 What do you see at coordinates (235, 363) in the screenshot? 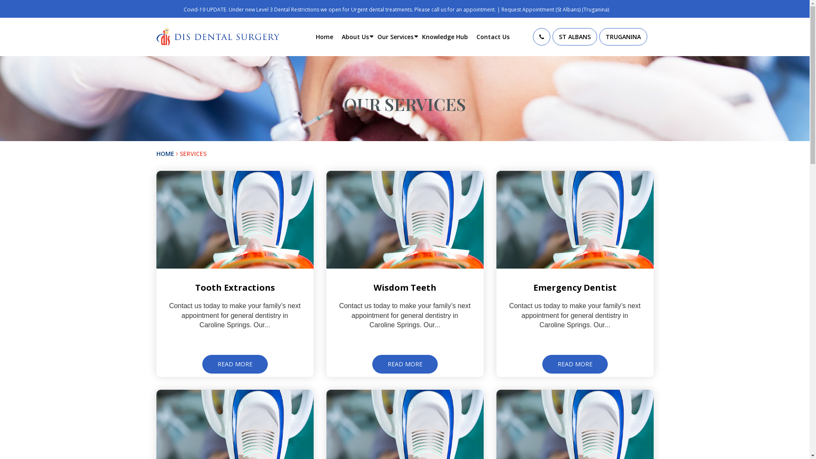
I see `'READ MORE'` at bounding box center [235, 363].